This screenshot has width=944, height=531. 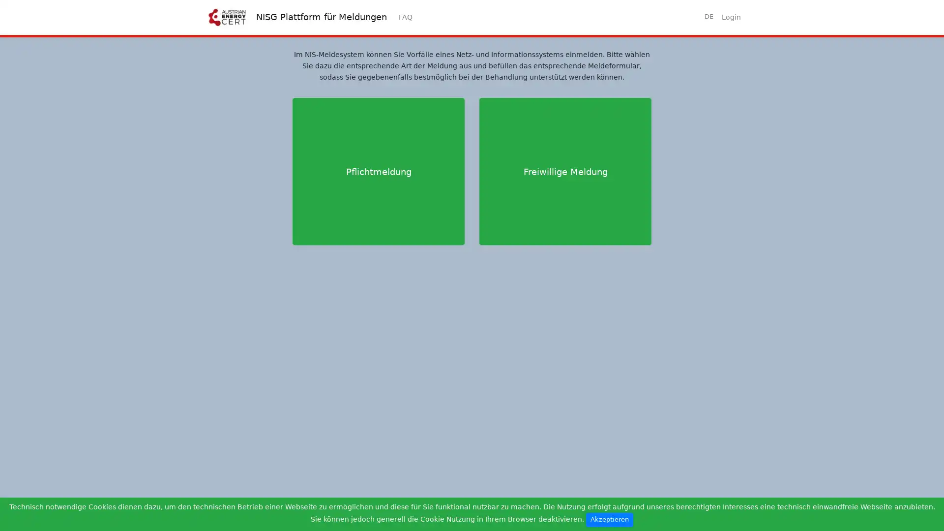 What do you see at coordinates (609, 519) in the screenshot?
I see `Akzeptieren` at bounding box center [609, 519].